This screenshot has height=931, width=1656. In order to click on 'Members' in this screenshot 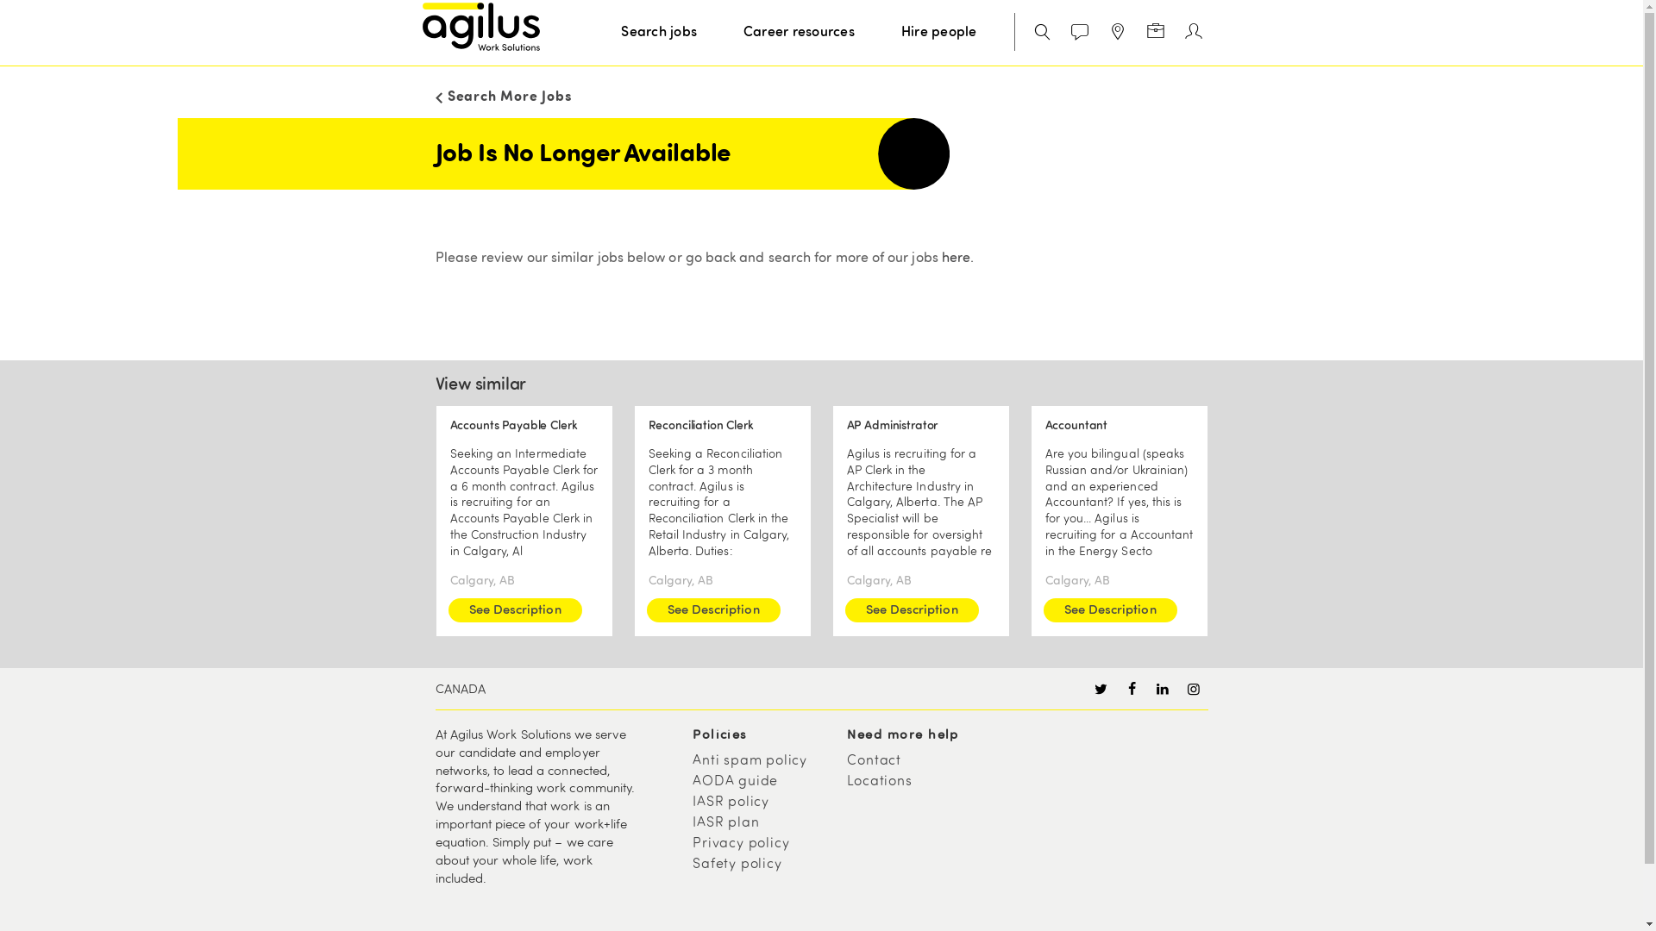, I will do `click(1192, 33)`.